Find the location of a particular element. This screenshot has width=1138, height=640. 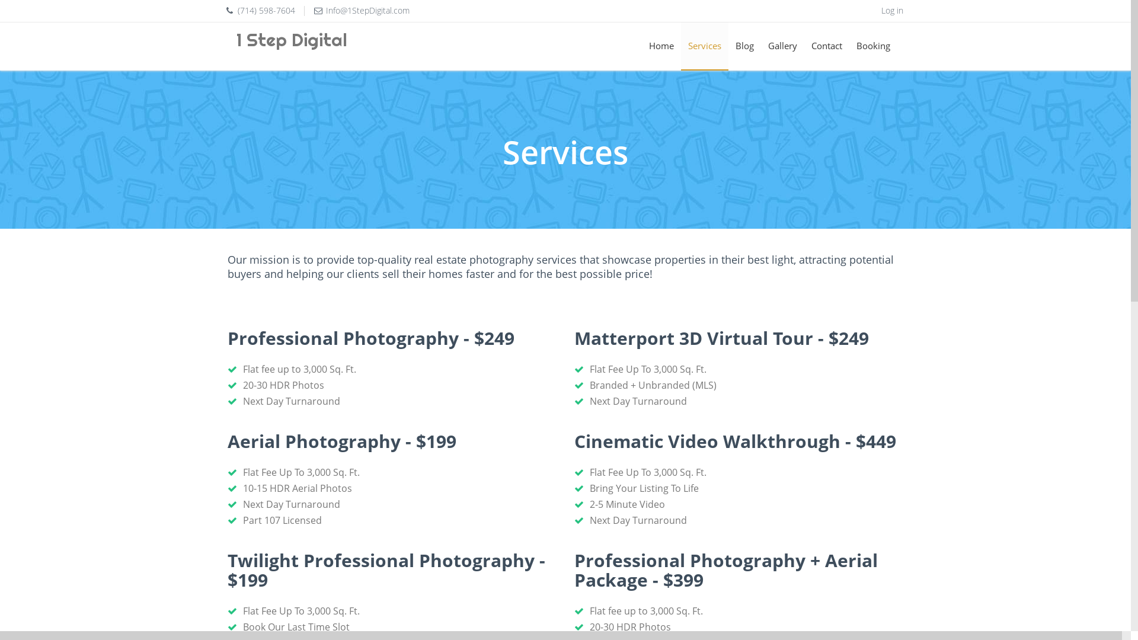

'Services' is located at coordinates (705, 46).